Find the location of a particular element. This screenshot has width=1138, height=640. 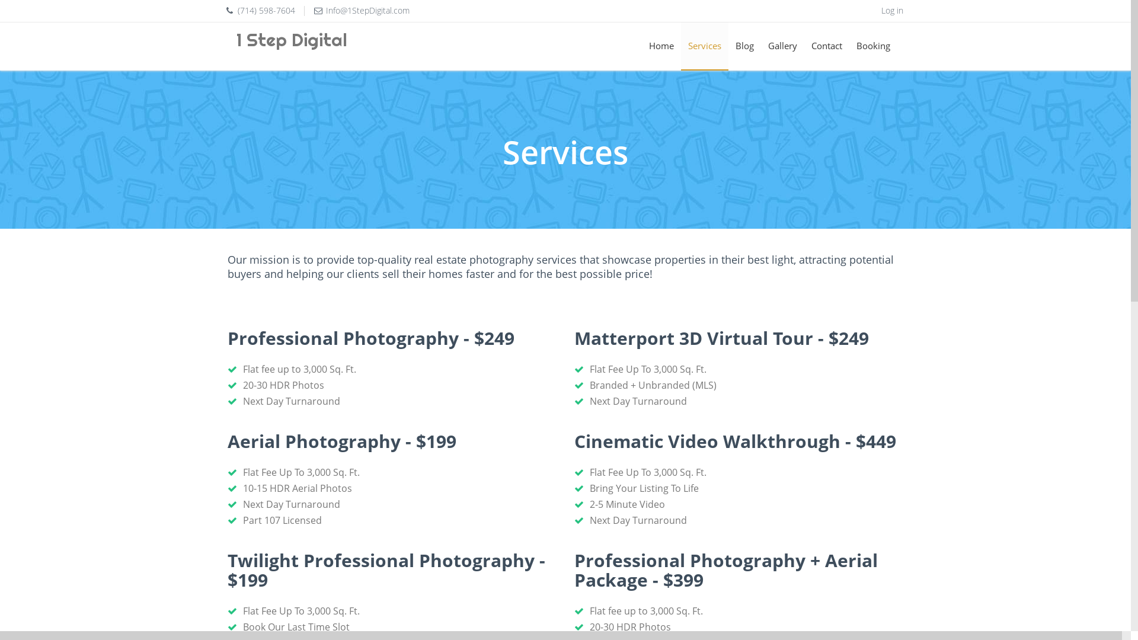

'Services' is located at coordinates (705, 46).